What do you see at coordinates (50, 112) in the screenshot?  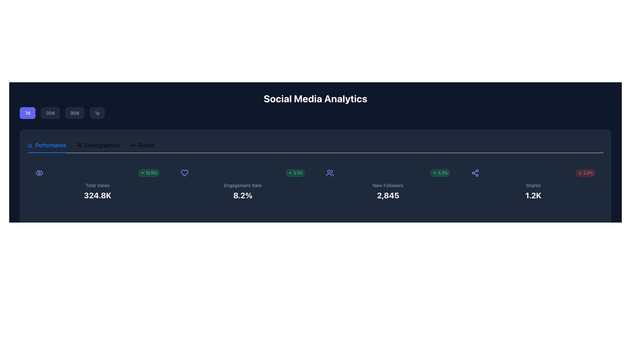 I see `the second button from the left at the top-left section of the interface` at bounding box center [50, 112].